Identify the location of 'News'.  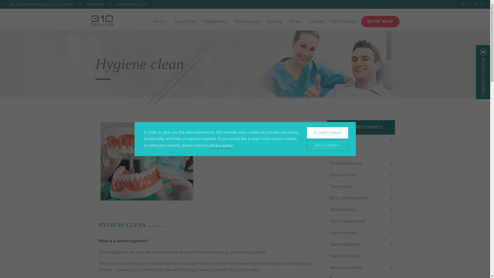
(285, 23).